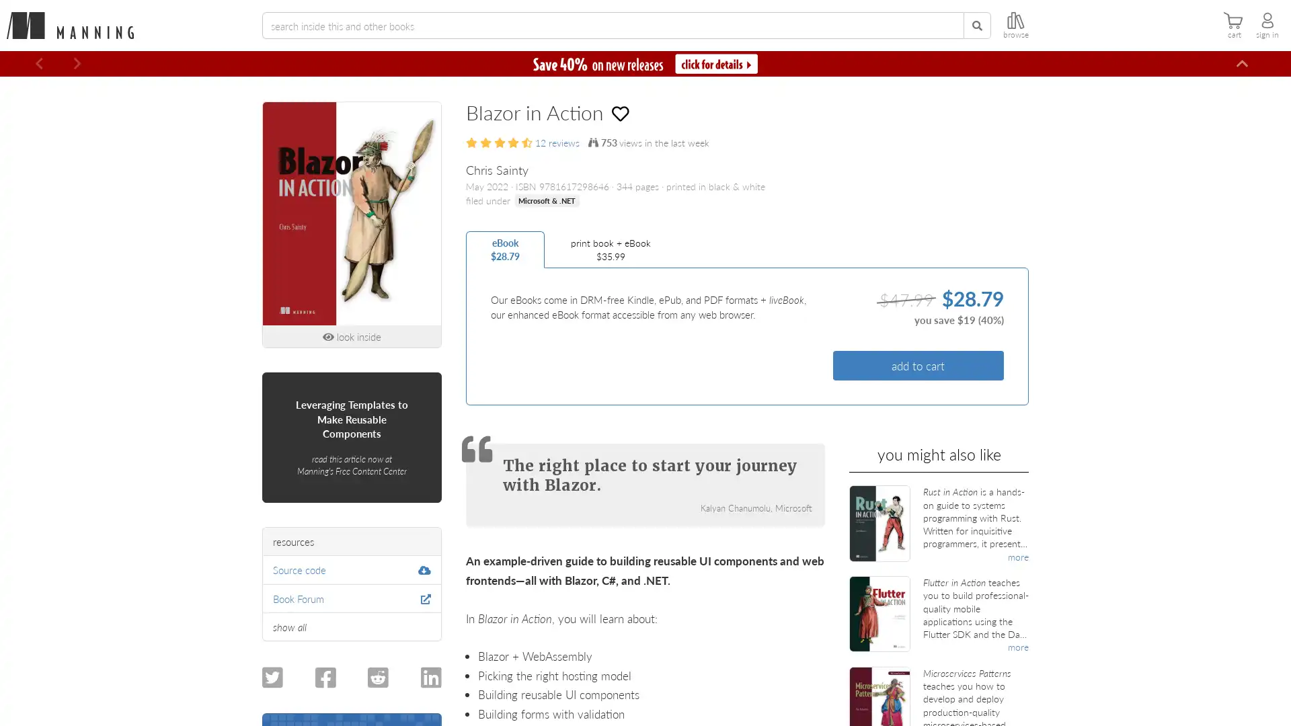  I want to click on add to cart, so click(917, 365).